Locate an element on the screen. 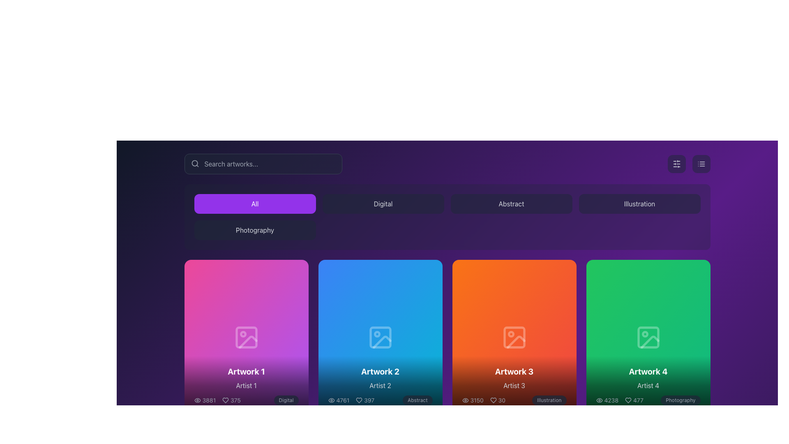 The height and width of the screenshot is (444, 789). the Graphical Icon Component that is part of the Artwork 3 card, located in the third column of the artwork display section is located at coordinates (510, 334).